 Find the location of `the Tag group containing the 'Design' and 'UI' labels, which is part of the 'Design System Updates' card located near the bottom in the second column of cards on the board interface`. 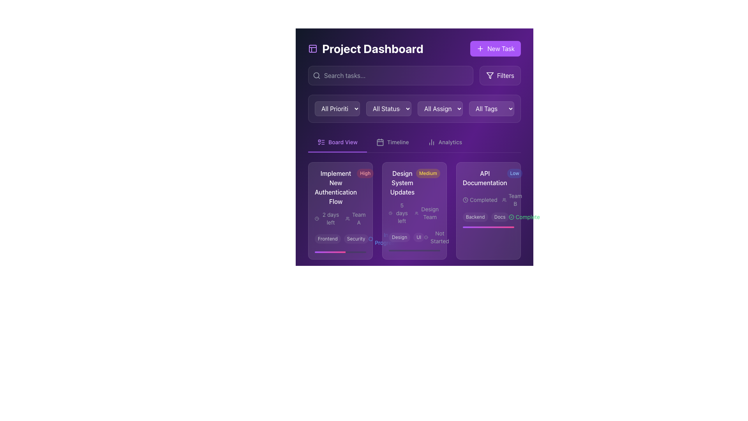

the Tag group containing the 'Design' and 'UI' labels, which is part of the 'Design System Updates' card located near the bottom in the second column of cards on the board interface is located at coordinates (414, 237).